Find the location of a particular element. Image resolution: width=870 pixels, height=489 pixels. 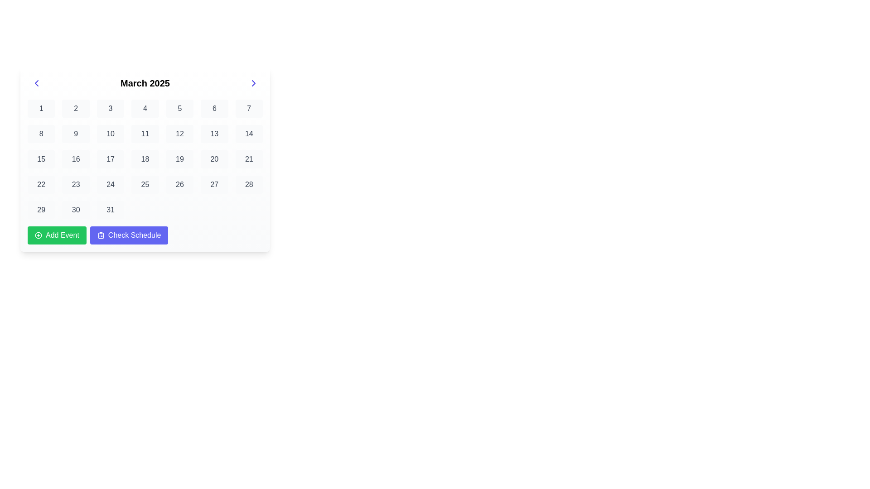

the second button in the first row of the calendar interface is located at coordinates (76, 108).